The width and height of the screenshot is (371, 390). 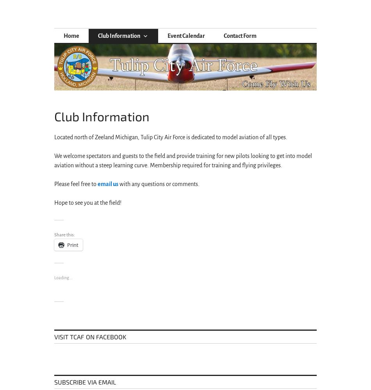 What do you see at coordinates (54, 137) in the screenshot?
I see `'Located north of Zeeland Michigan, Tulip City Air Force is dedicated to model aviation of all types.'` at bounding box center [54, 137].